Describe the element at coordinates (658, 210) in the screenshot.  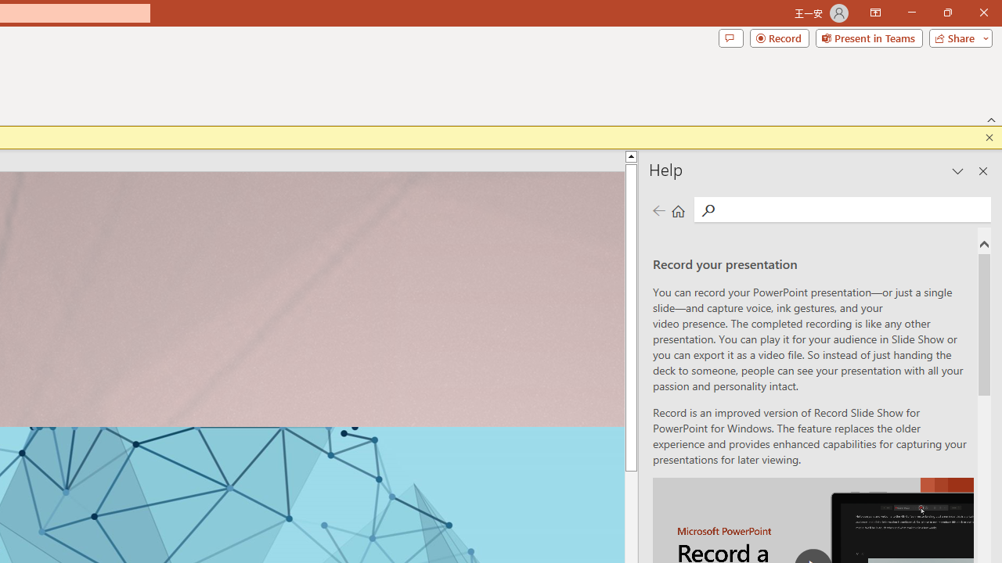
I see `'Previous page'` at that location.